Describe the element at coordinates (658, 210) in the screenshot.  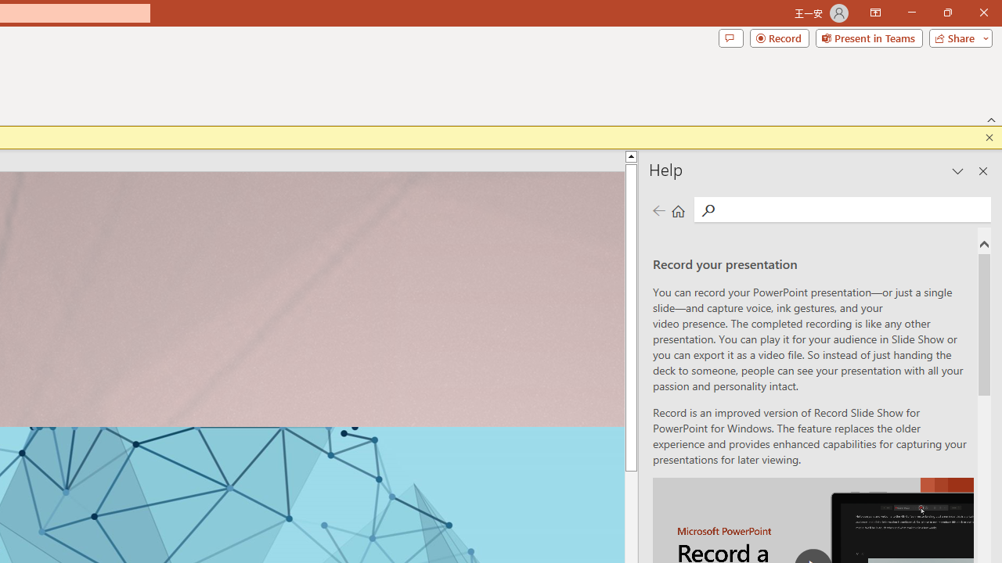
I see `'Previous page'` at that location.